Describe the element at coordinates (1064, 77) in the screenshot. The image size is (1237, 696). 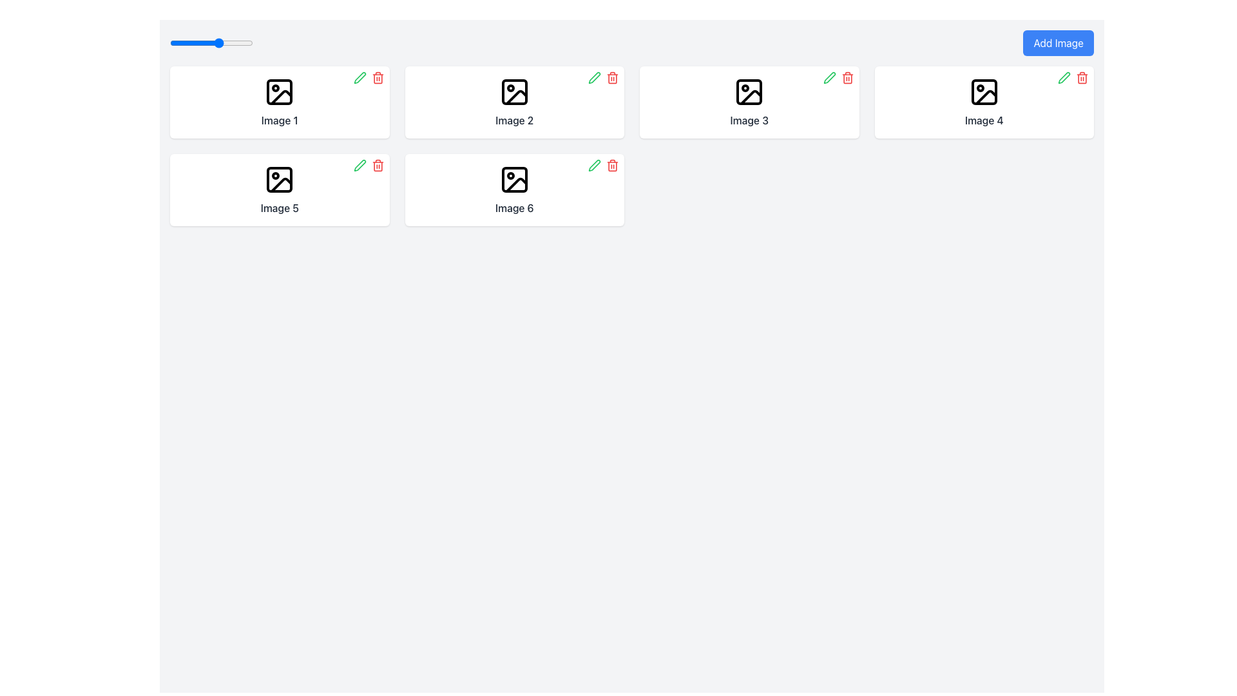
I see `the leftmost icon button in the control bar at the top-right corner of the 'Image 4' card, which is used for editing or modifying the associated image` at that location.